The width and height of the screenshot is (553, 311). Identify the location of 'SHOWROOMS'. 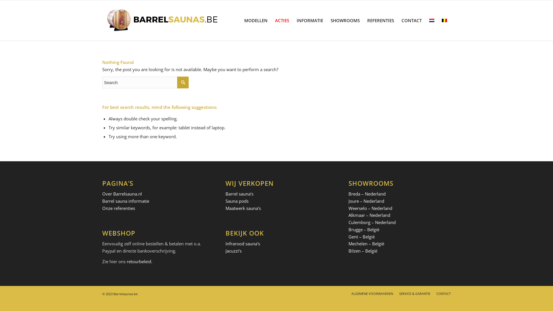
(345, 20).